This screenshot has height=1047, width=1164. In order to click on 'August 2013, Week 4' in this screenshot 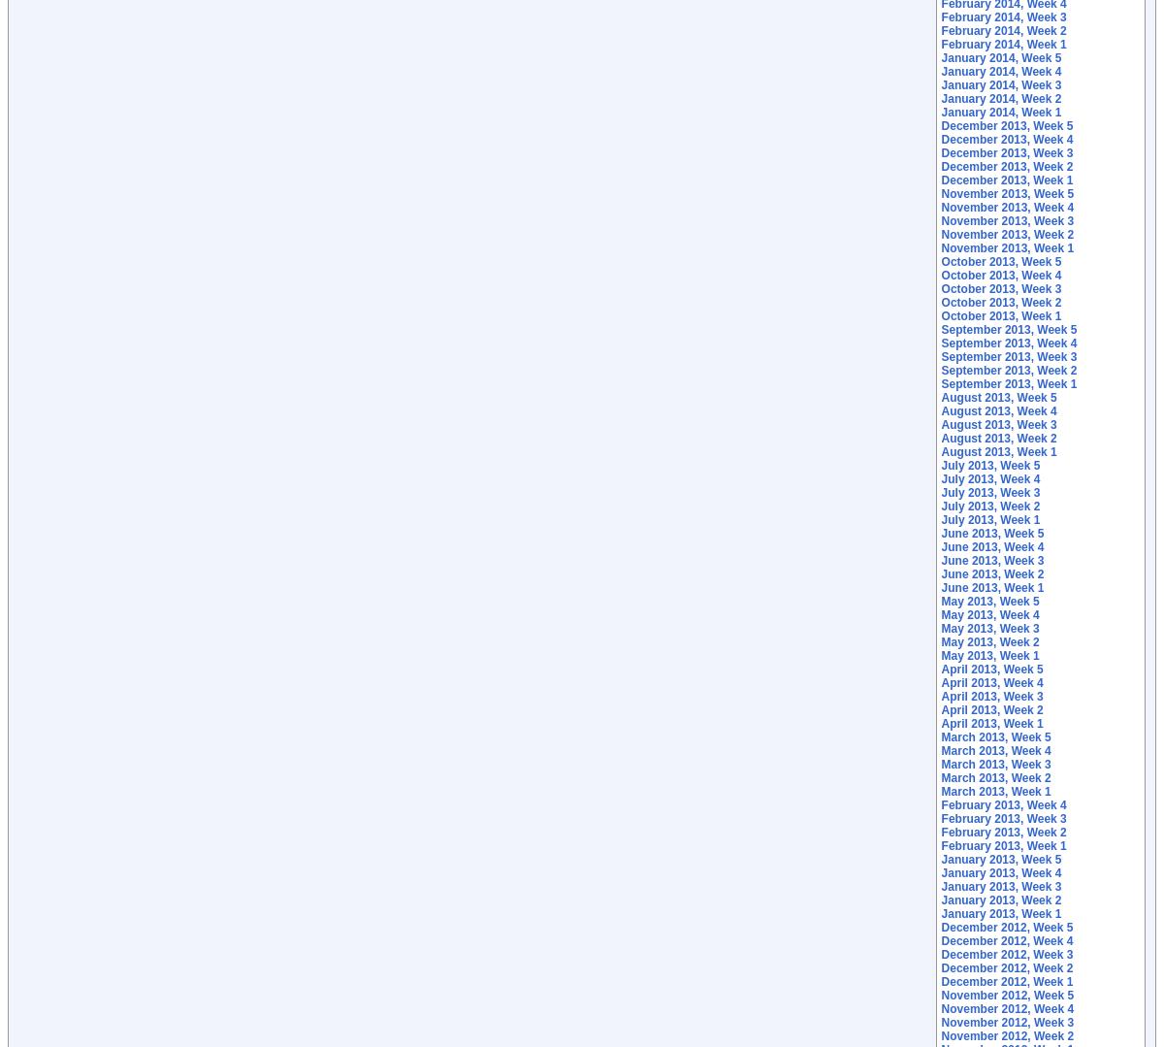, I will do `click(998, 411)`.